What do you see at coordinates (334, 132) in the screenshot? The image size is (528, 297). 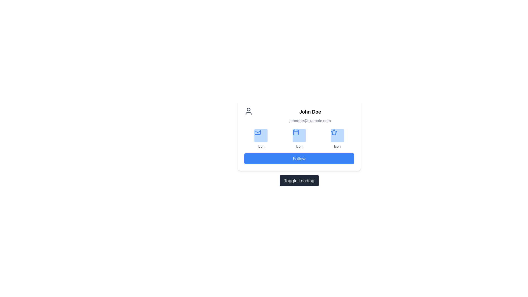 I see `the third icon in the horizontal sequence located beneath the user's details` at bounding box center [334, 132].